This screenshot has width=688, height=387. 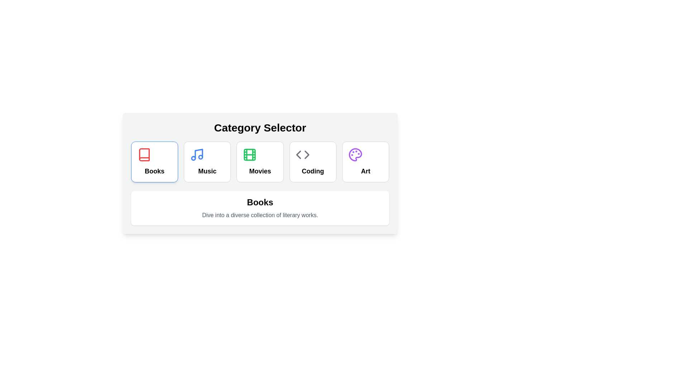 I want to click on the minimalistic gray icon of two angle brackets located in the fourth card of the category selector, which is centered above the 'Coding' text, so click(x=302, y=154).